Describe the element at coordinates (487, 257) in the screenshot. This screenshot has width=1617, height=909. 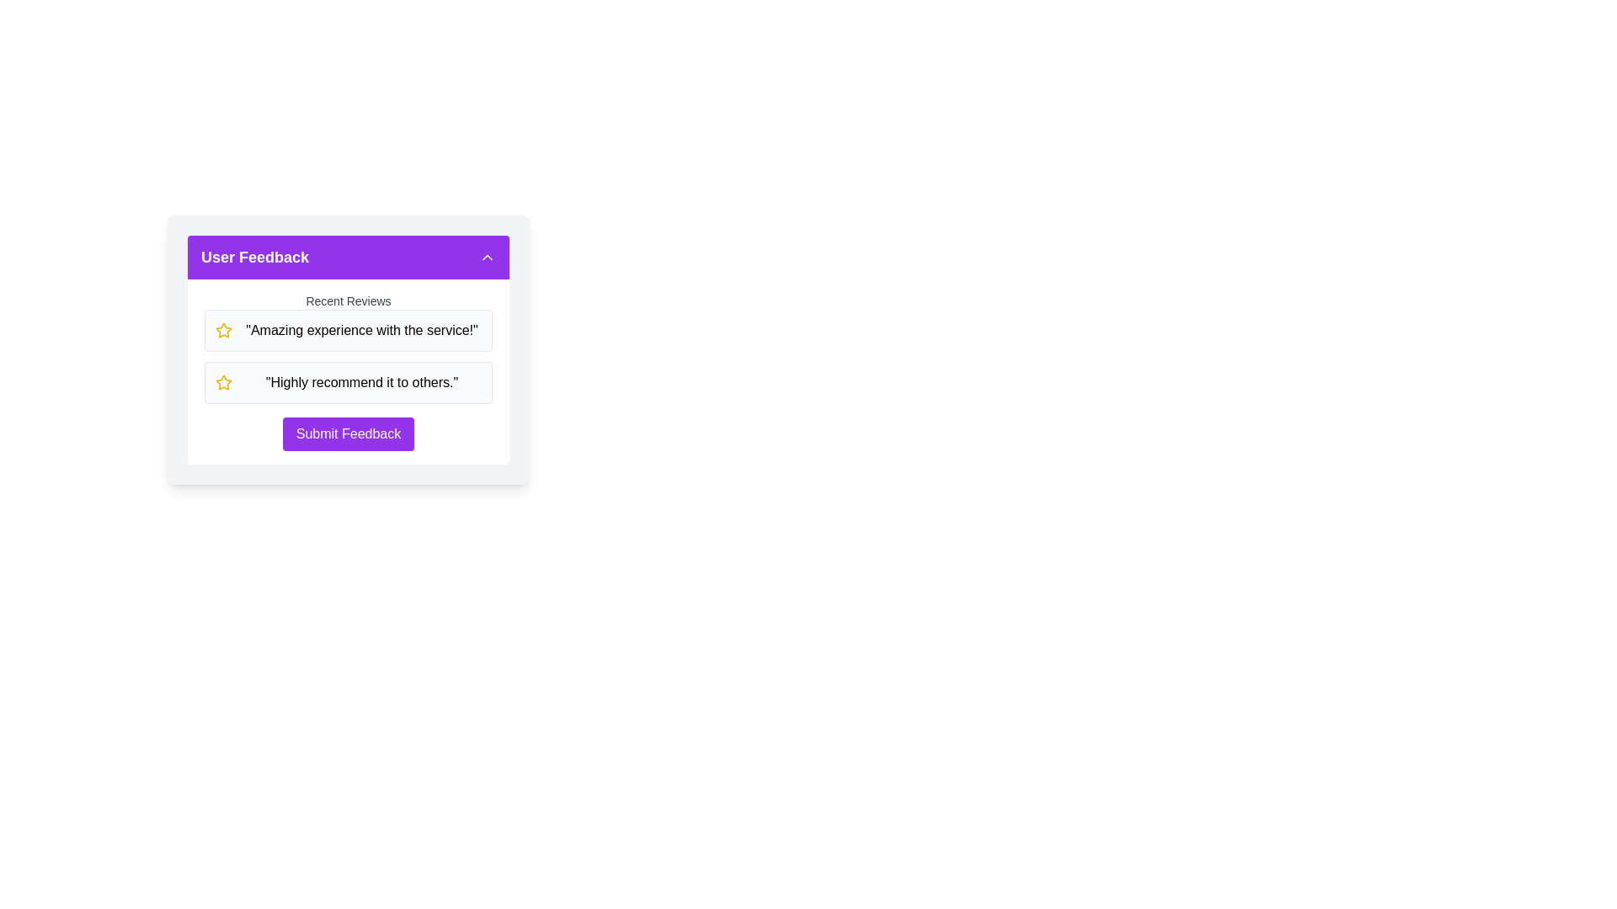
I see `the upward-pointing chevron icon located on the right side of the purple header bar` at that location.